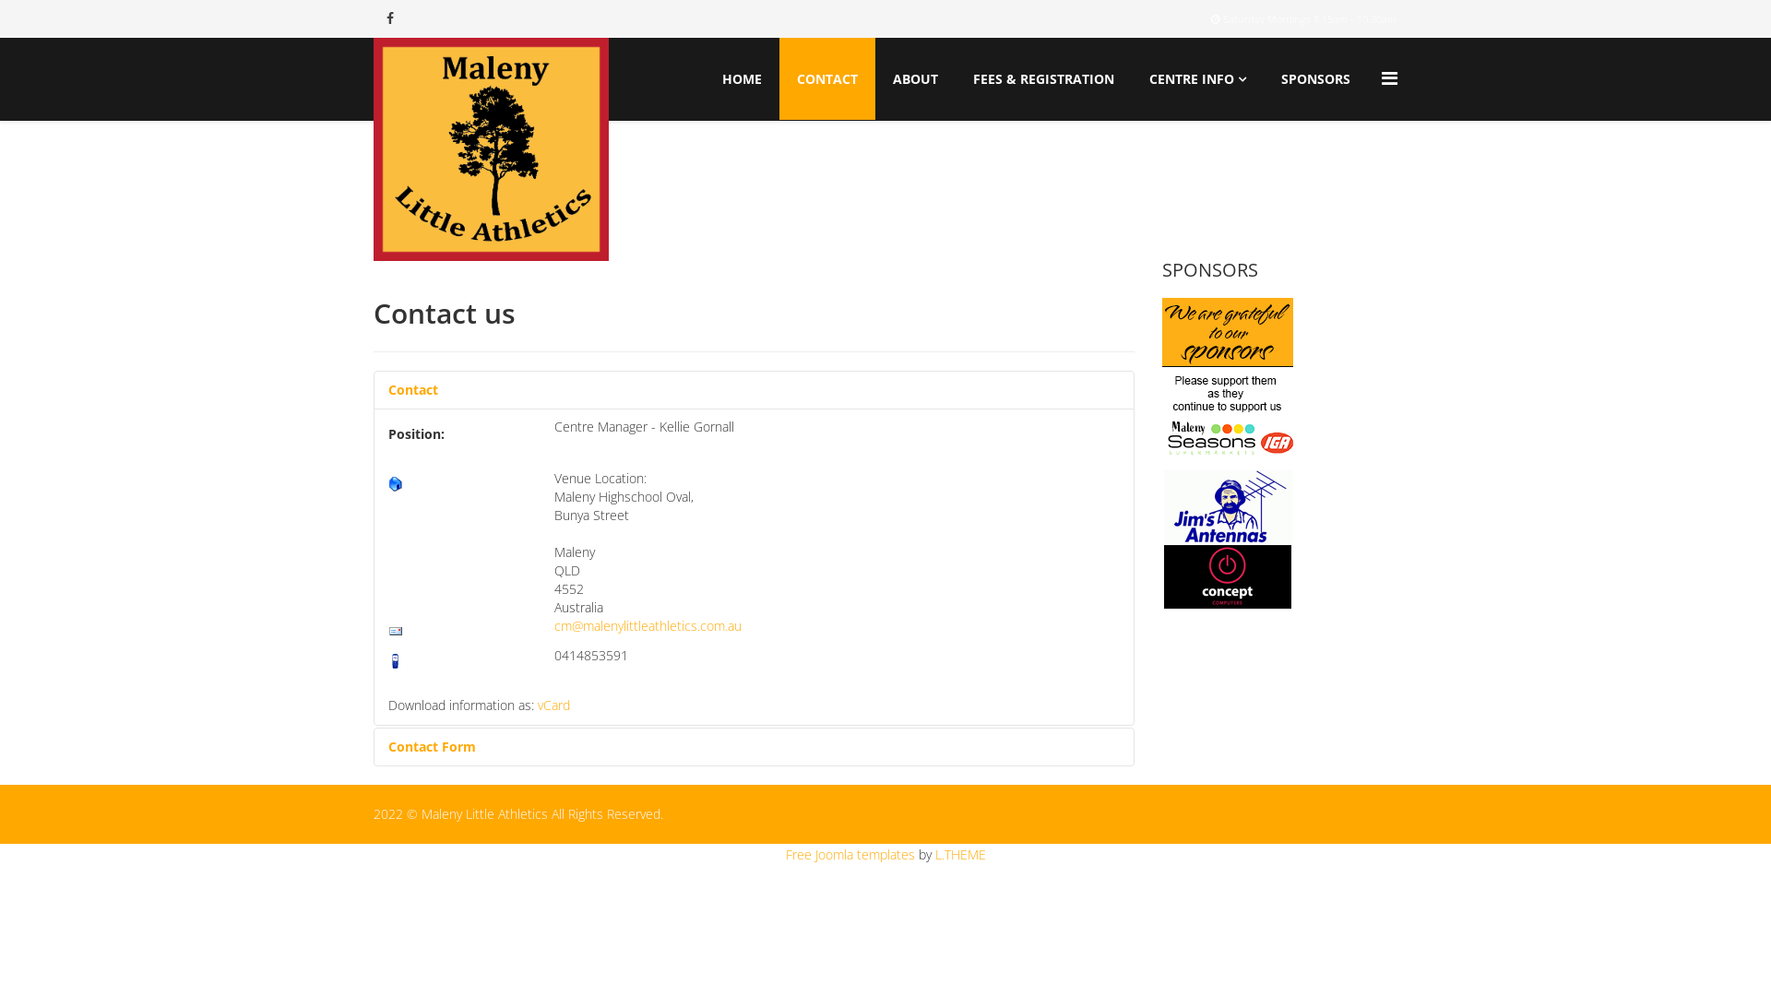 This screenshot has width=1771, height=996. What do you see at coordinates (915, 77) in the screenshot?
I see `'ABOUT'` at bounding box center [915, 77].